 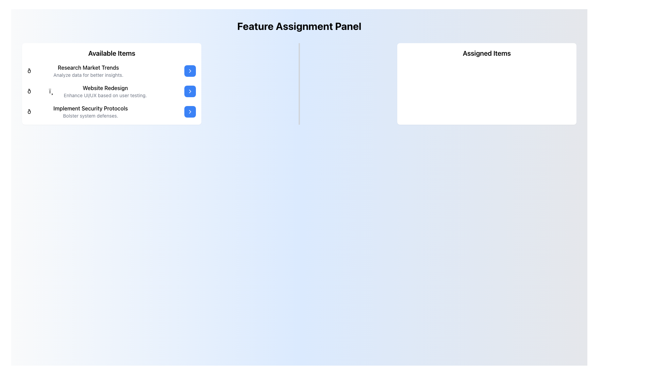 What do you see at coordinates (190, 71) in the screenshot?
I see `the blue rounded-rectangle button with white text and a chevron-right icon next to 'Research Market Trends' in the 'Available Items' section` at bounding box center [190, 71].